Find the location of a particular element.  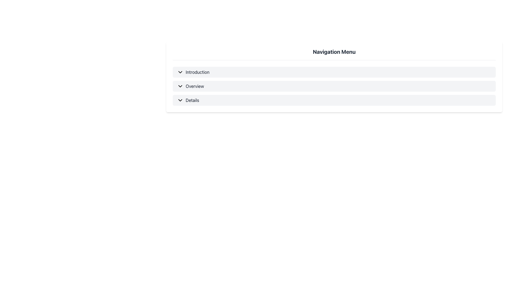

the bold, large text label reading 'Navigation Menu' that is centrally located at the top of the interface is located at coordinates (334, 52).